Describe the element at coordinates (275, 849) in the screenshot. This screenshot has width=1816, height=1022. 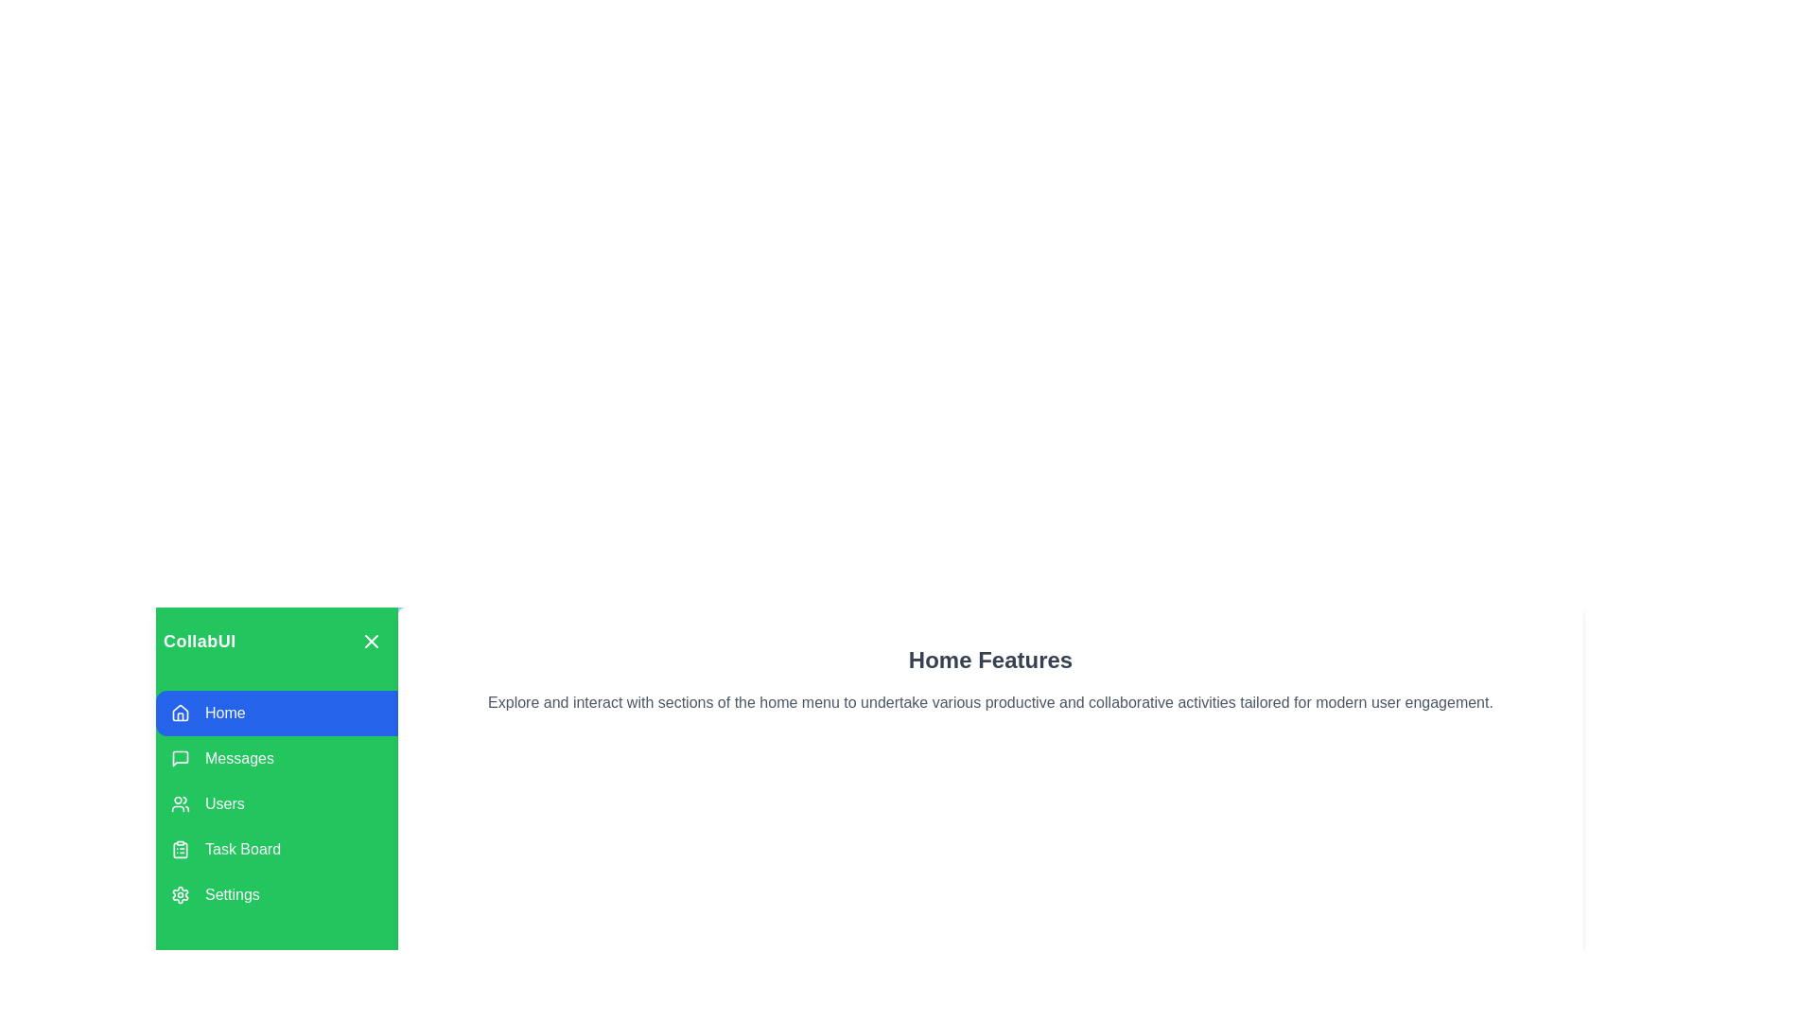
I see `the menu section Task Board` at that location.